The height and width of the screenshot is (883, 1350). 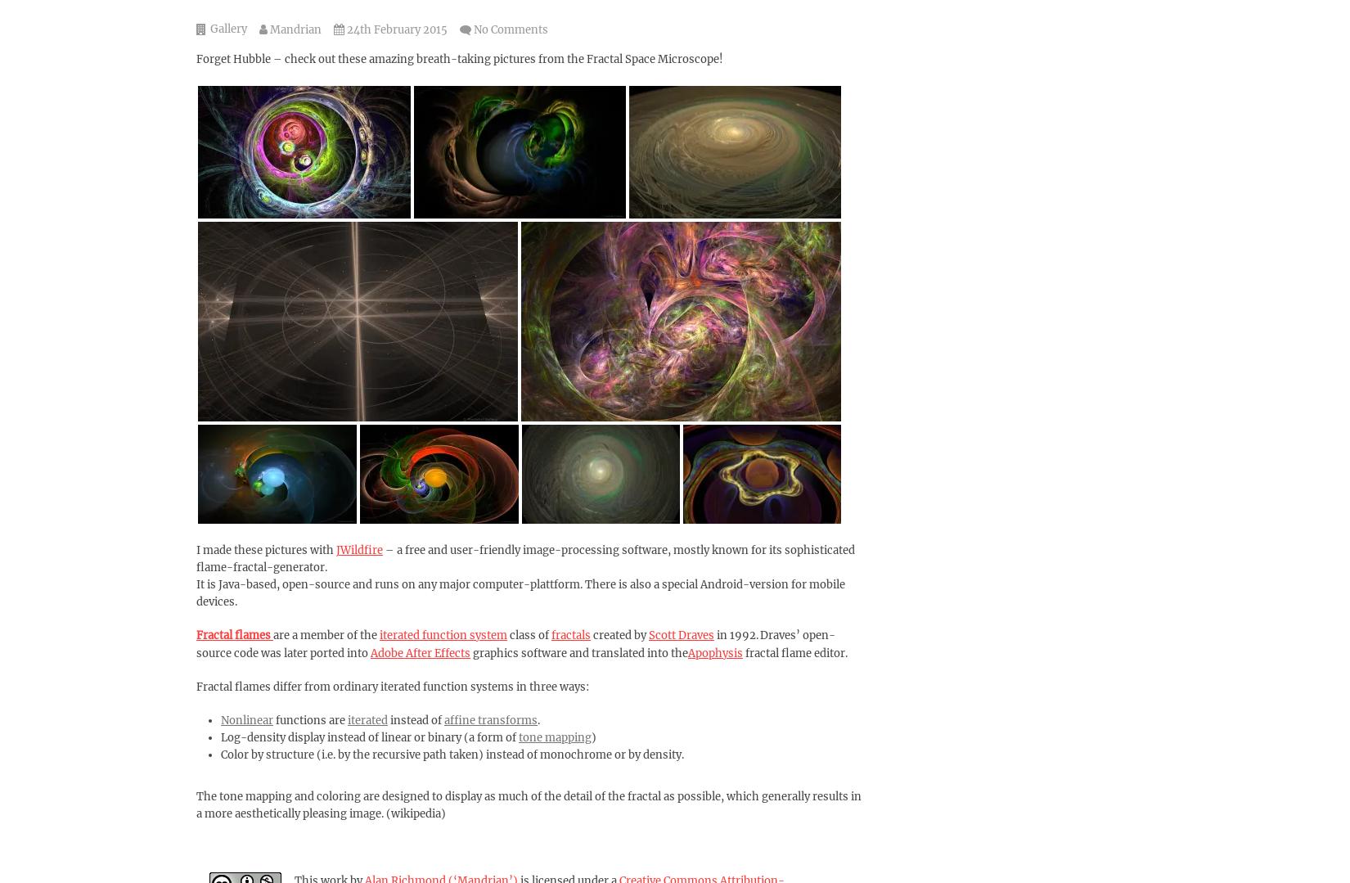 I want to click on 'Apophysis', so click(x=688, y=652).